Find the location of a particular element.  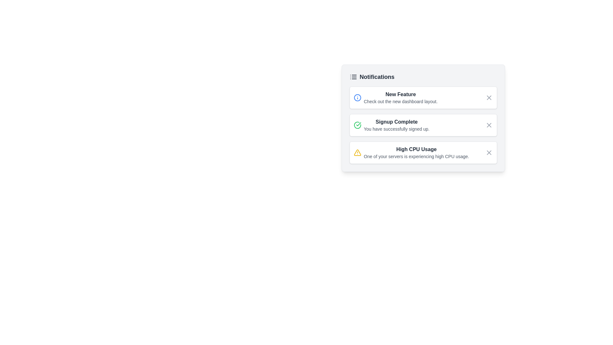

the triangular warning icon located in the third notification item at the bottom of the notification list is located at coordinates (357, 153).